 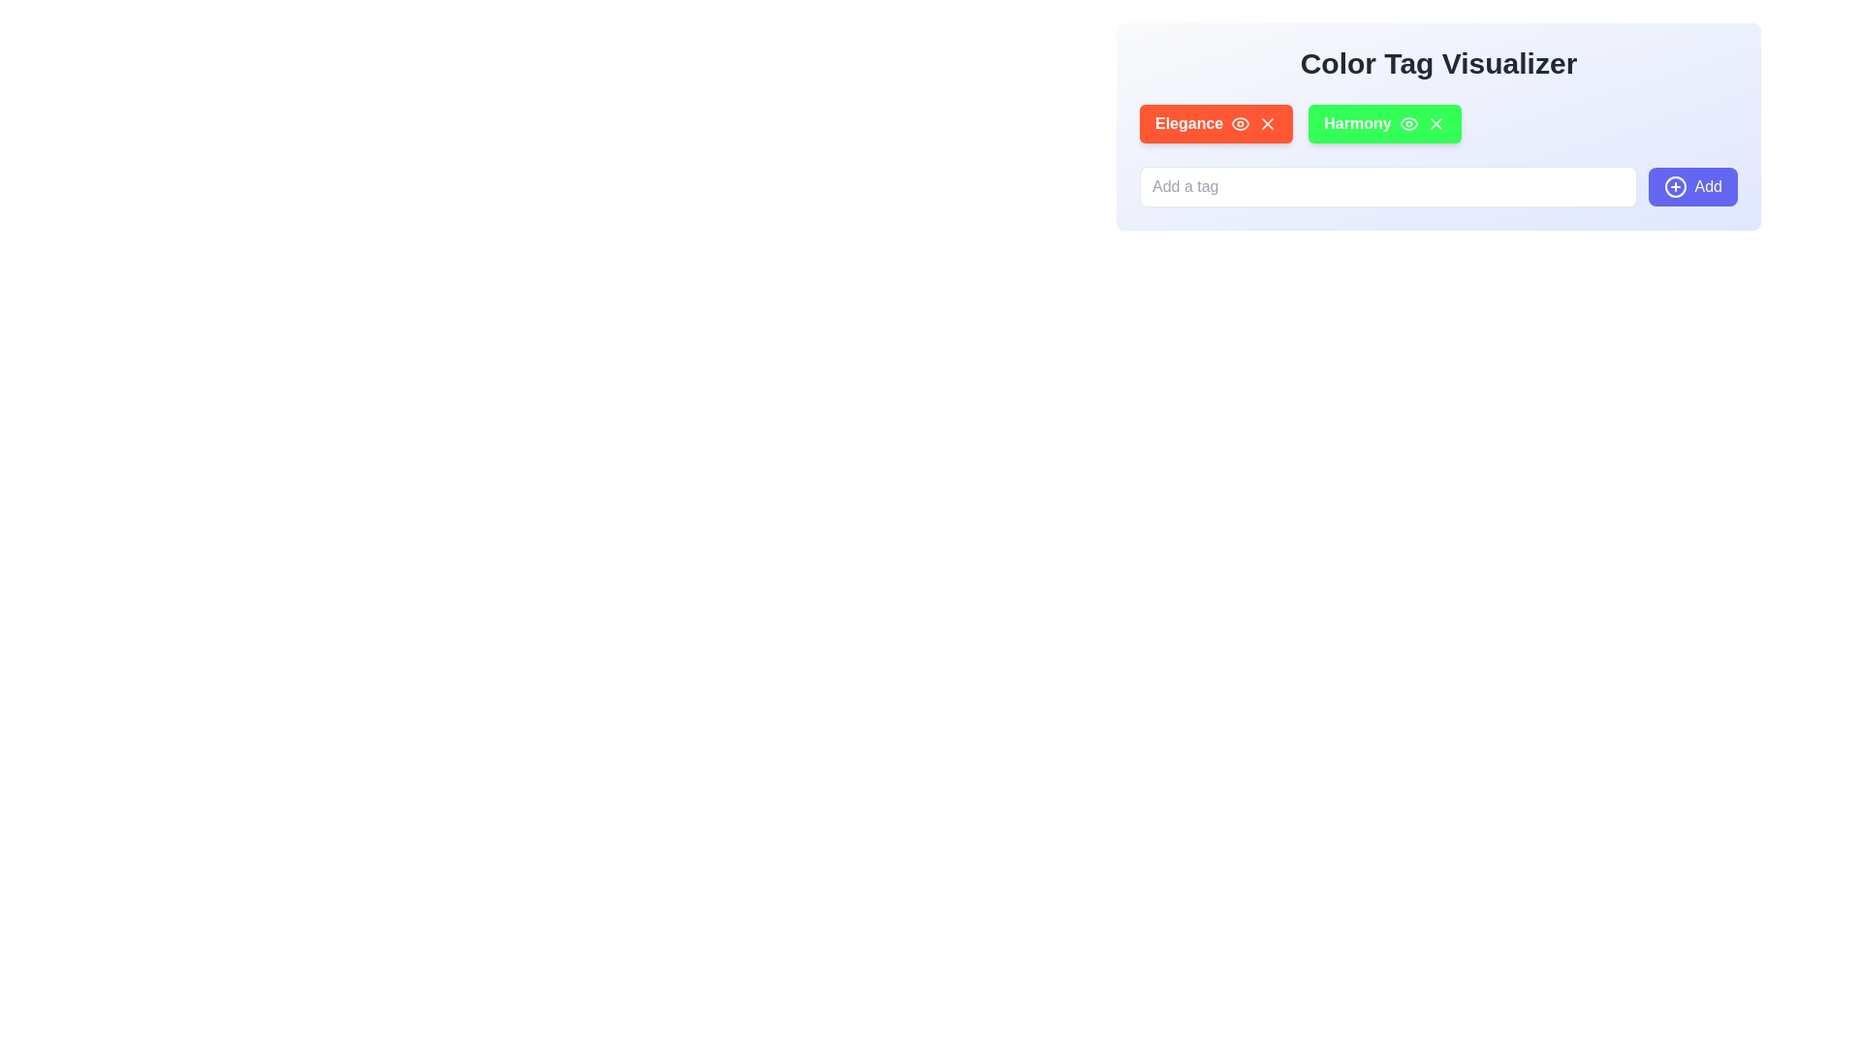 I want to click on the 'Harmony' tag button, which is a multi-functional button with an eye icon for visibility toggle and an 'X' symbol for removal, located below the 'Color Tag Visualizer' header, so click(x=1383, y=123).